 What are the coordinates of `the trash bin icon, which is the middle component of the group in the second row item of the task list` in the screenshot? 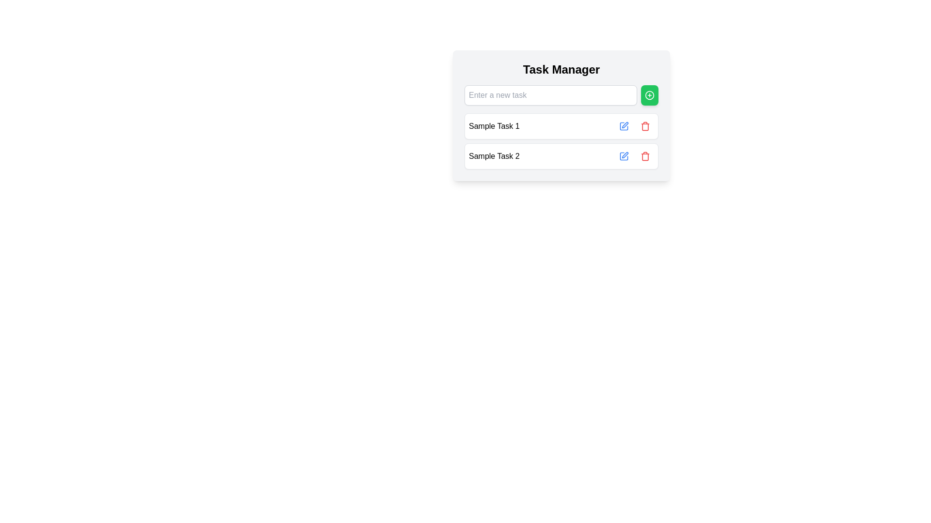 It's located at (645, 126).